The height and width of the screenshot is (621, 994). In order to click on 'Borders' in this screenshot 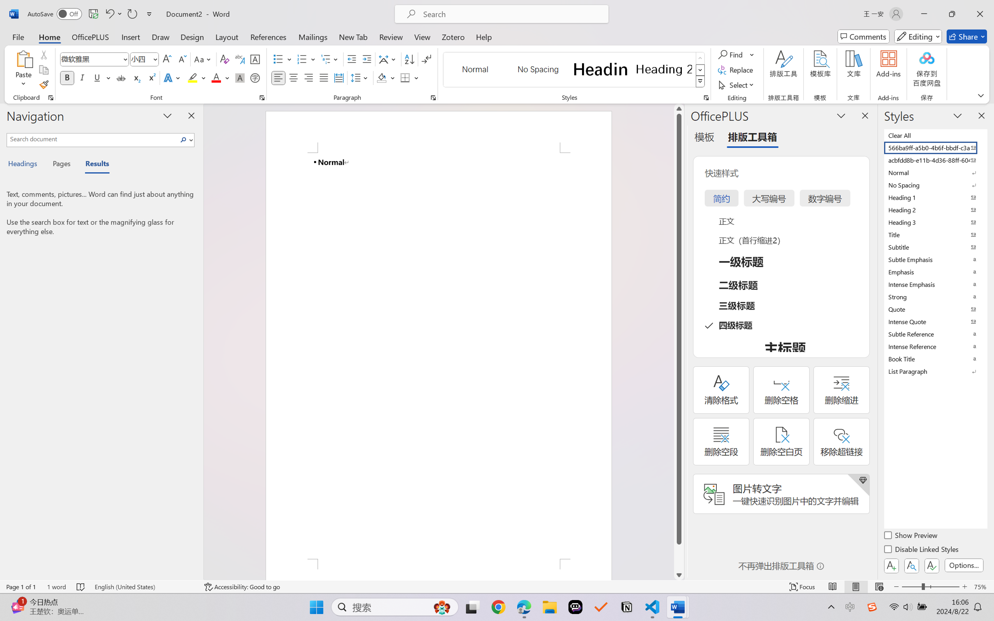, I will do `click(405, 77)`.